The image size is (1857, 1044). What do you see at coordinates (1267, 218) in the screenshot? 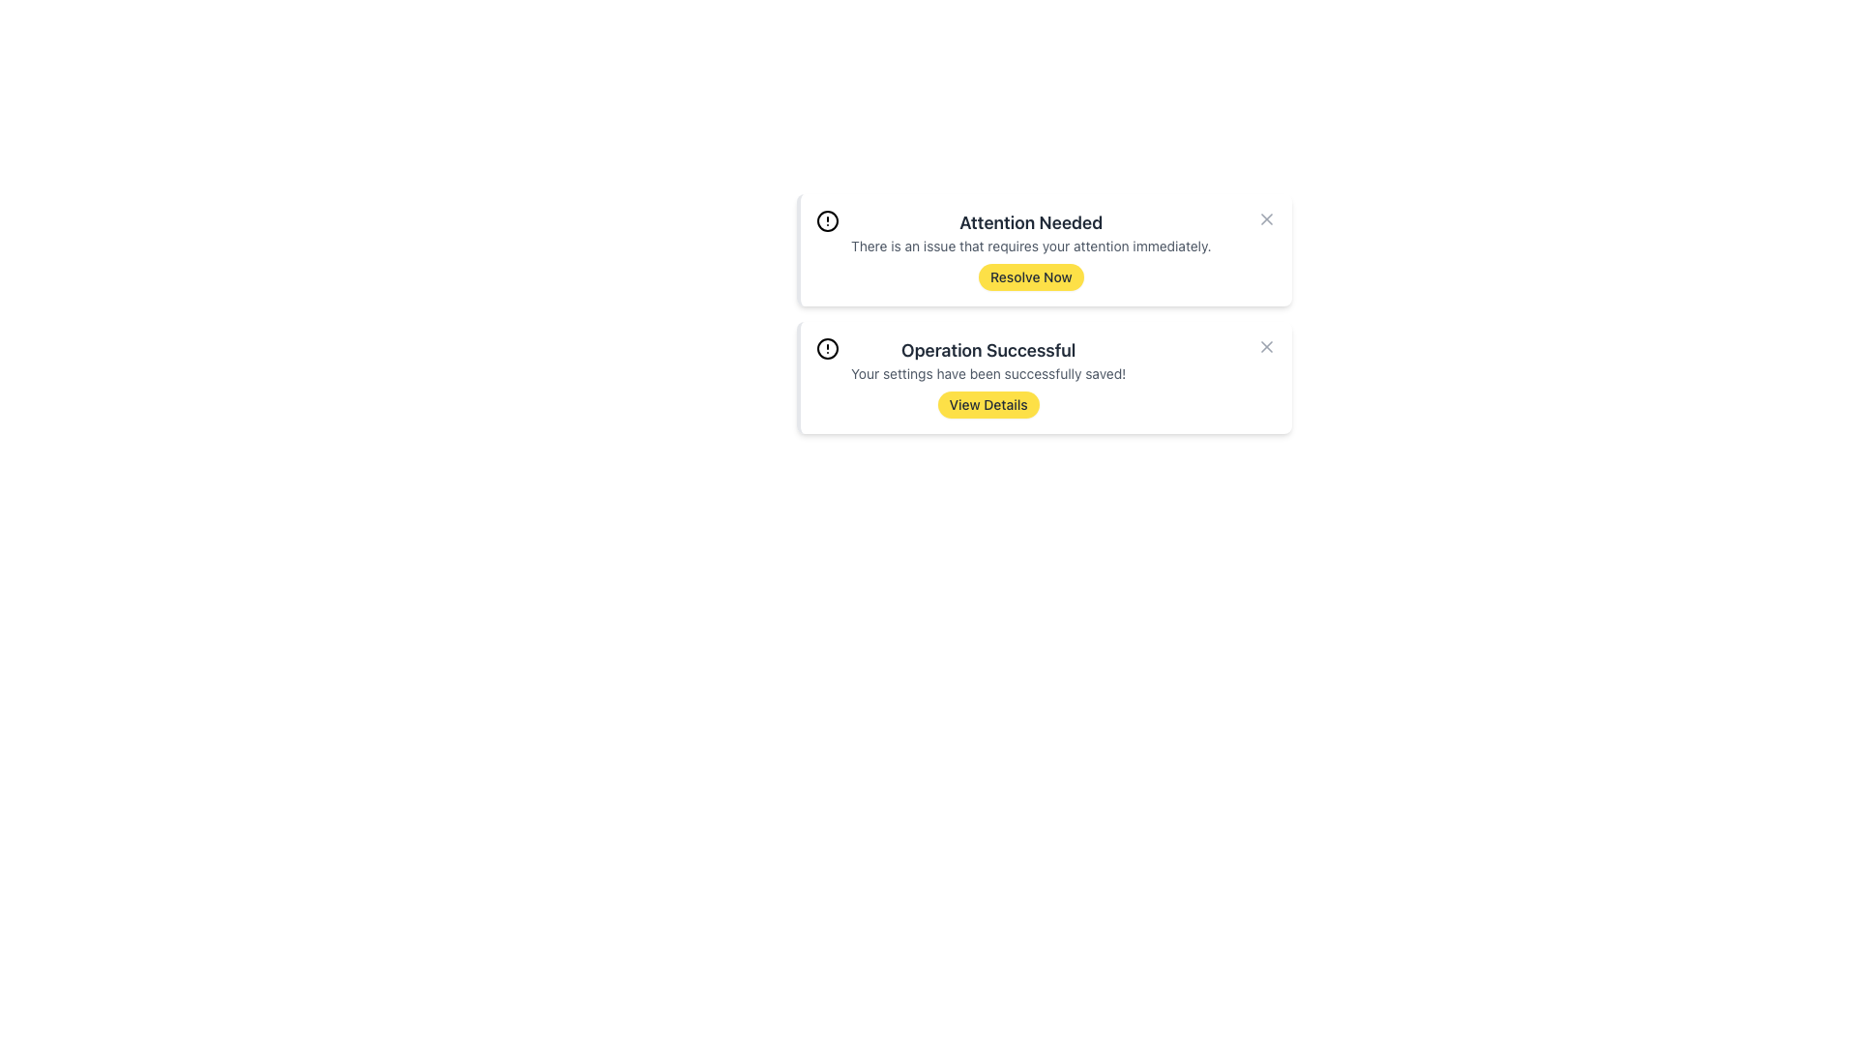
I see `the close icon located in the top-right corner of the 'Attention Needed' notification` at bounding box center [1267, 218].